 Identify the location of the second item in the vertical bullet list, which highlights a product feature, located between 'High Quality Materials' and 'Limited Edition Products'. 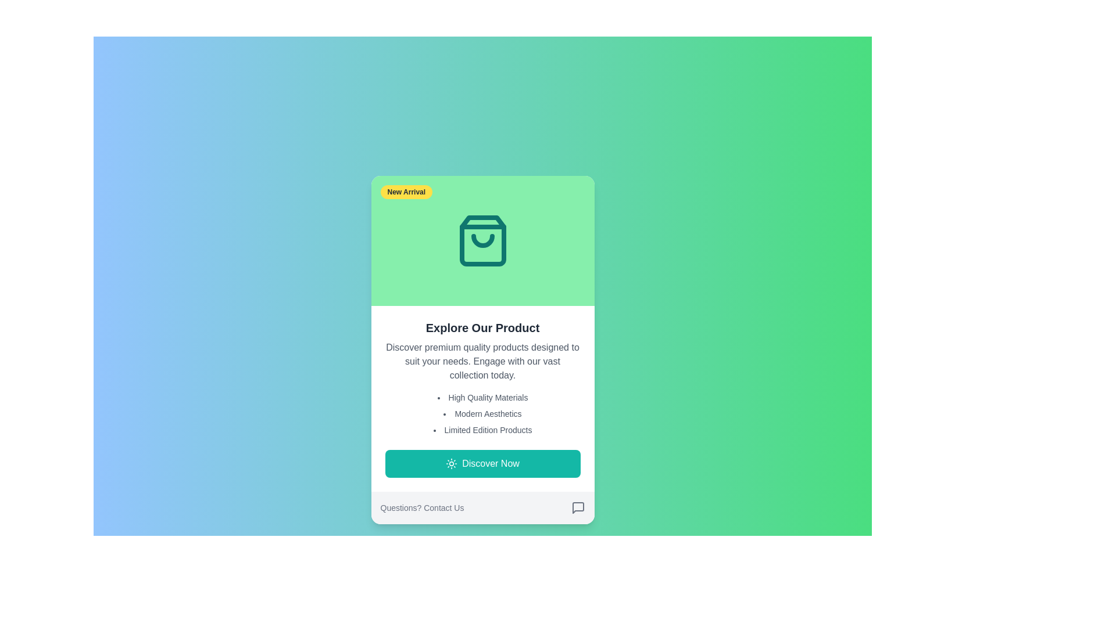
(482, 413).